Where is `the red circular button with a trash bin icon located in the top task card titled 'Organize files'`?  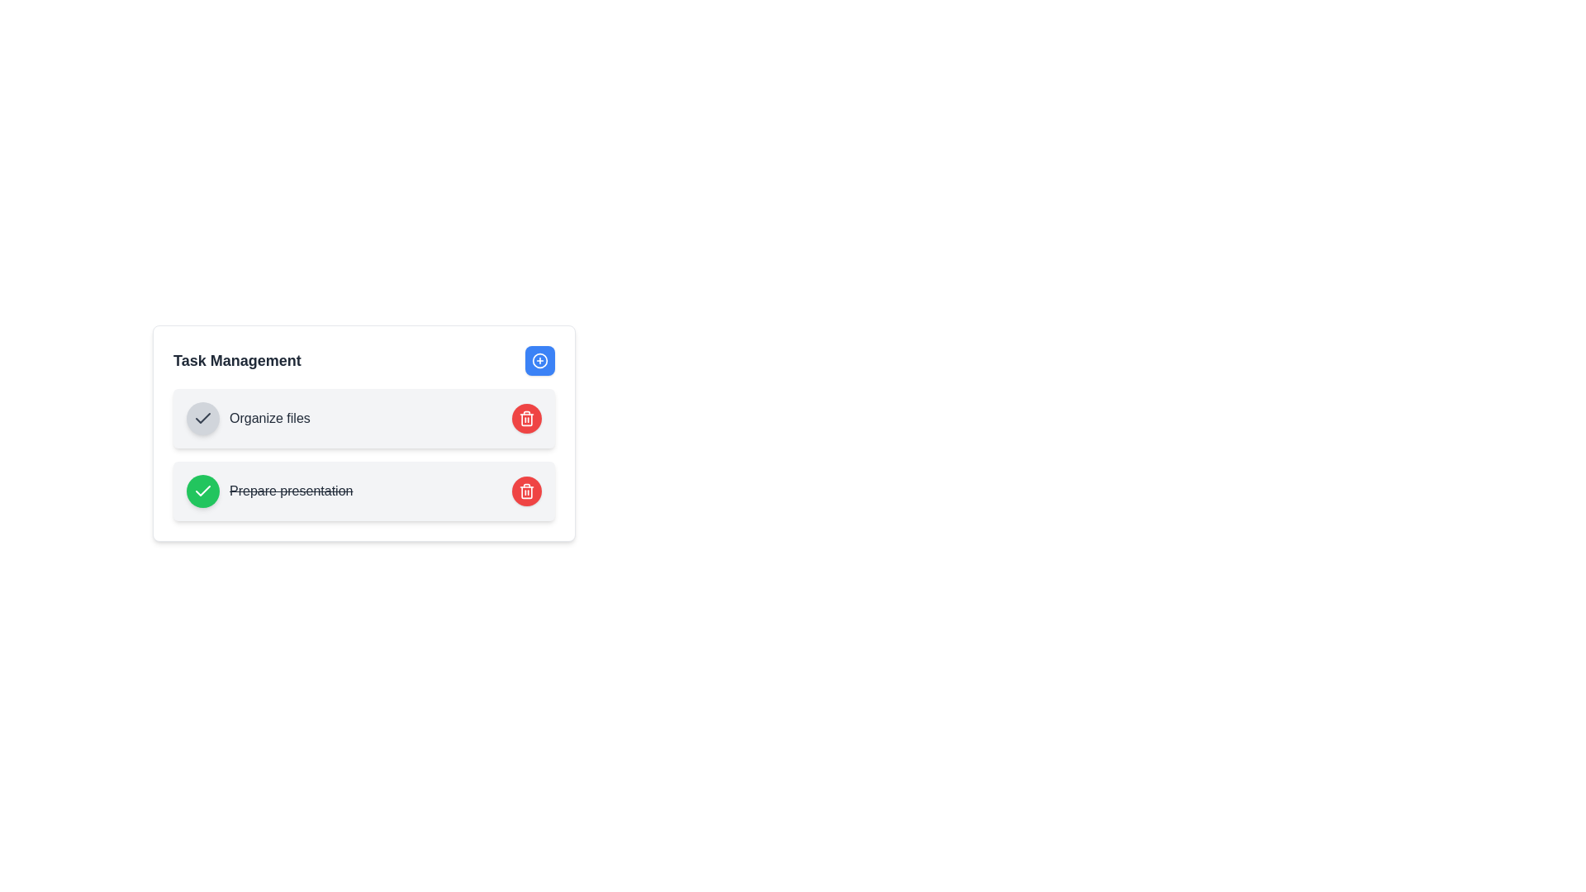
the red circular button with a trash bin icon located in the top task card titled 'Organize files' is located at coordinates (526, 417).